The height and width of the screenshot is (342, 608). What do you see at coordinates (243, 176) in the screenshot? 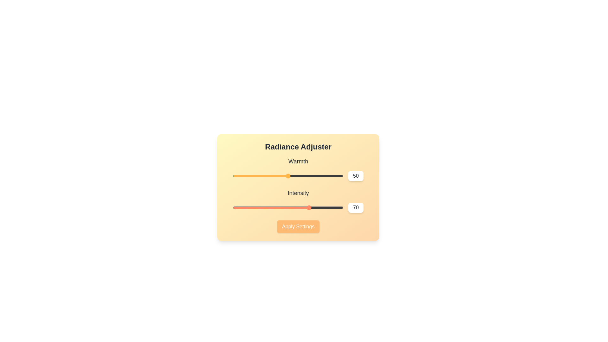
I see `the 'Warmth' slider to 9` at bounding box center [243, 176].